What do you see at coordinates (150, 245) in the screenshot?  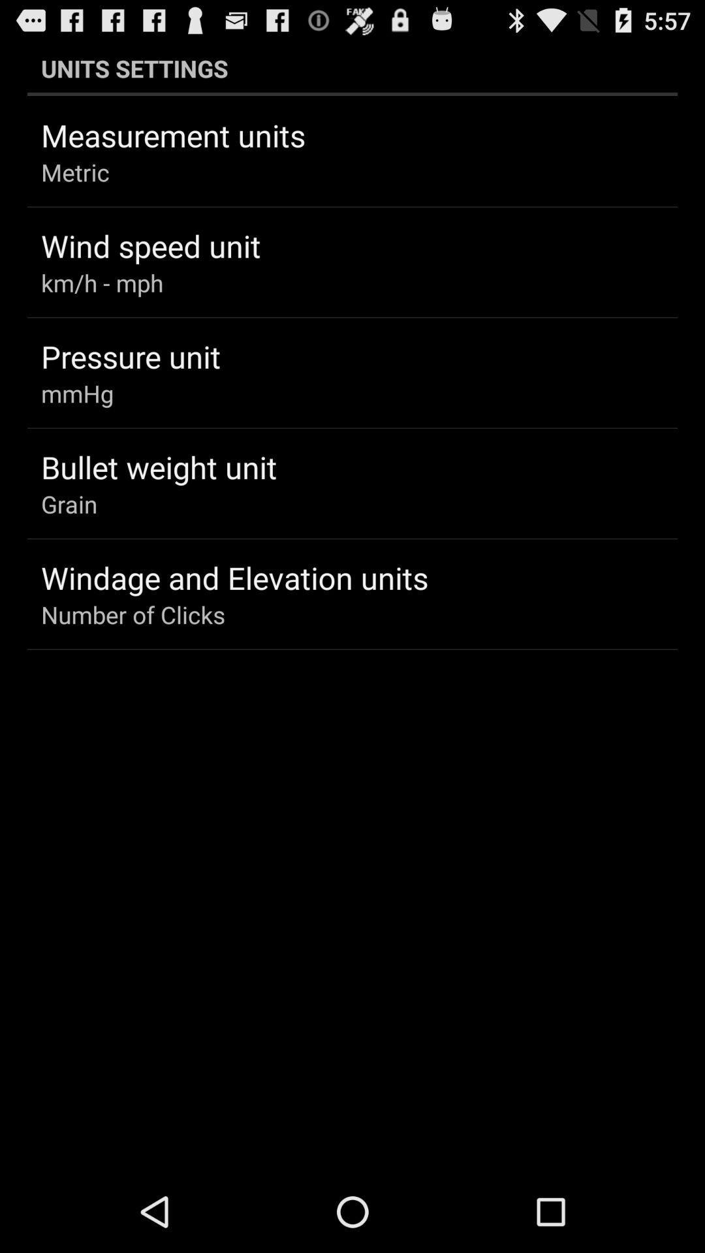 I see `the app above km/h - mph` at bounding box center [150, 245].